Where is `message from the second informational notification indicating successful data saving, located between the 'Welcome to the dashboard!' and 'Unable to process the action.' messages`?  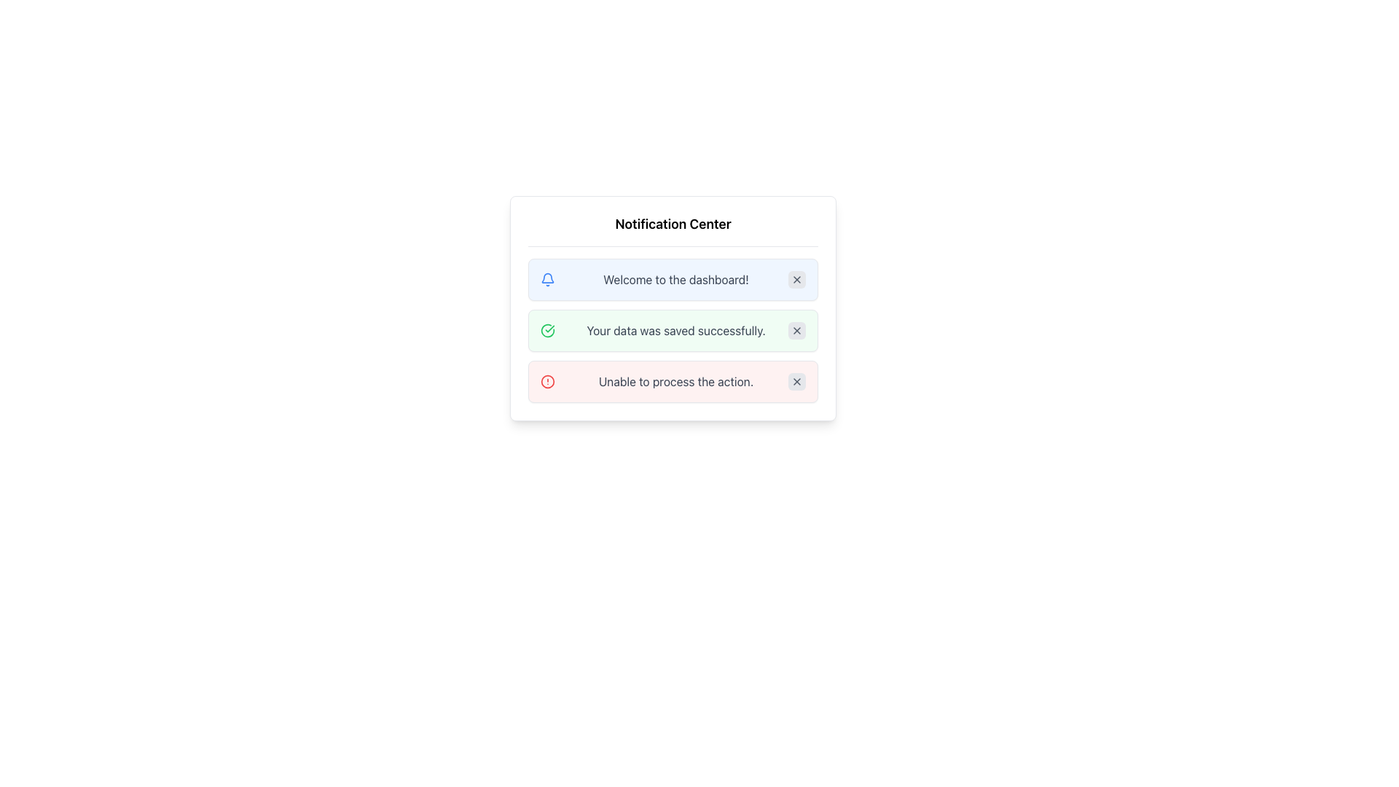 message from the second informational notification indicating successful data saving, located between the 'Welcome to the dashboard!' and 'Unable to process the action.' messages is located at coordinates (673, 331).